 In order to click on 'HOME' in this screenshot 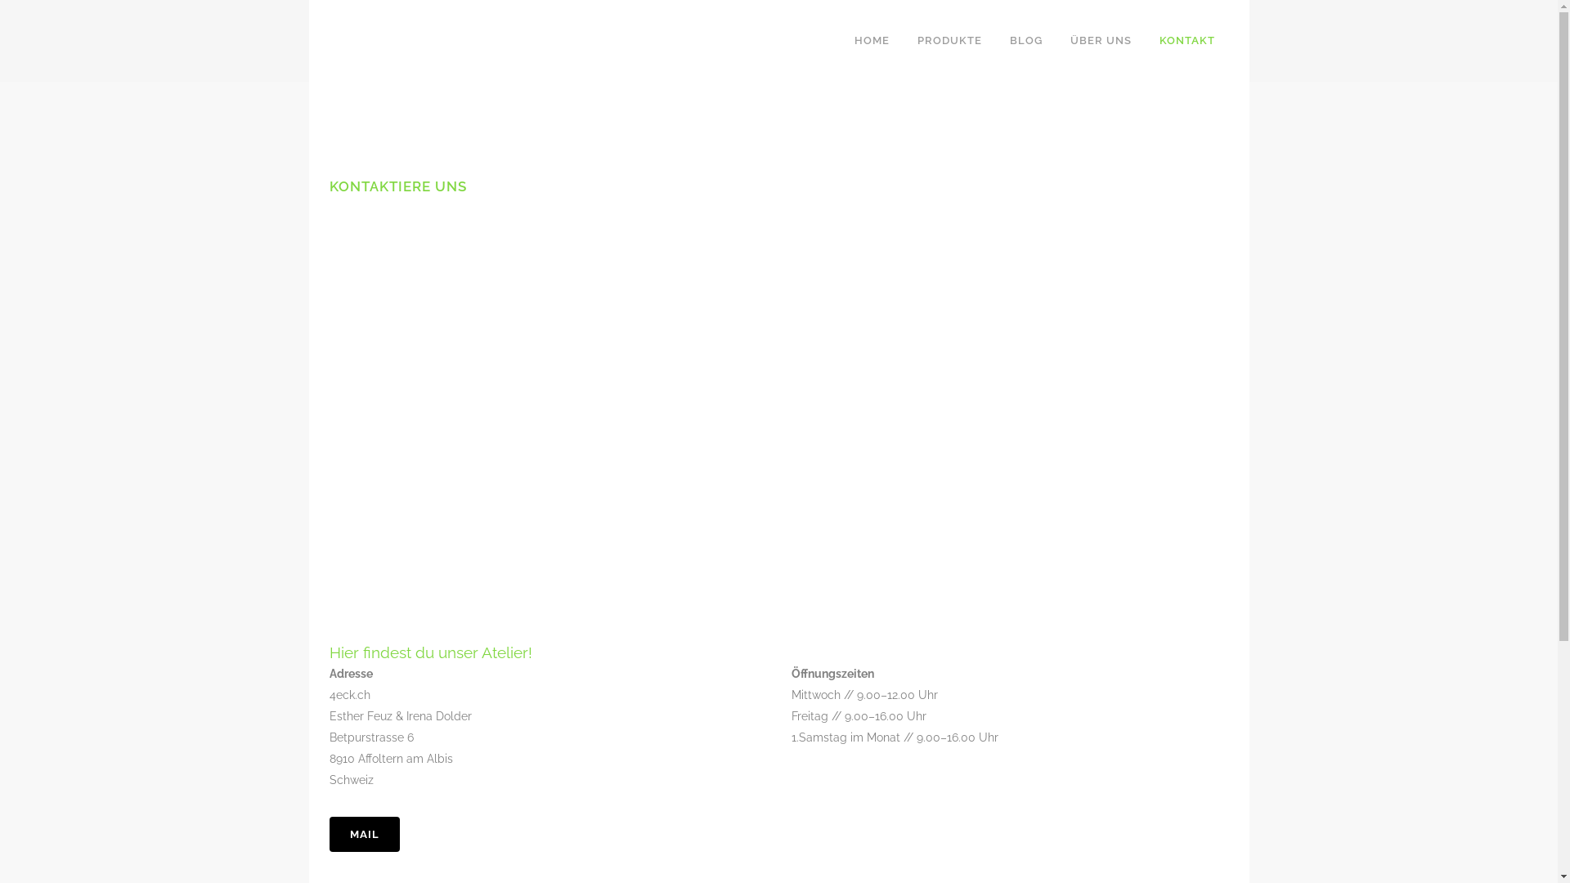, I will do `click(871, 40)`.